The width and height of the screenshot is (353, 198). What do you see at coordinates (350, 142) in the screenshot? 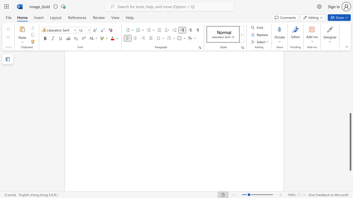
I see `the scrollbar and move down 30 pixels` at bounding box center [350, 142].